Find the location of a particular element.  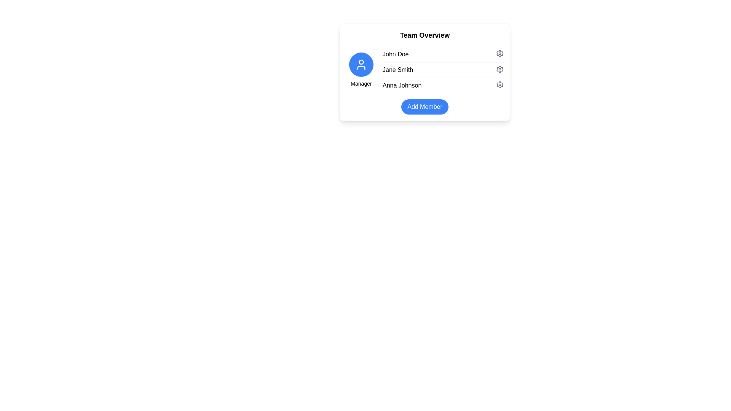

the gear icon located to the right of the 'Jane Smith' text is located at coordinates (500, 69).